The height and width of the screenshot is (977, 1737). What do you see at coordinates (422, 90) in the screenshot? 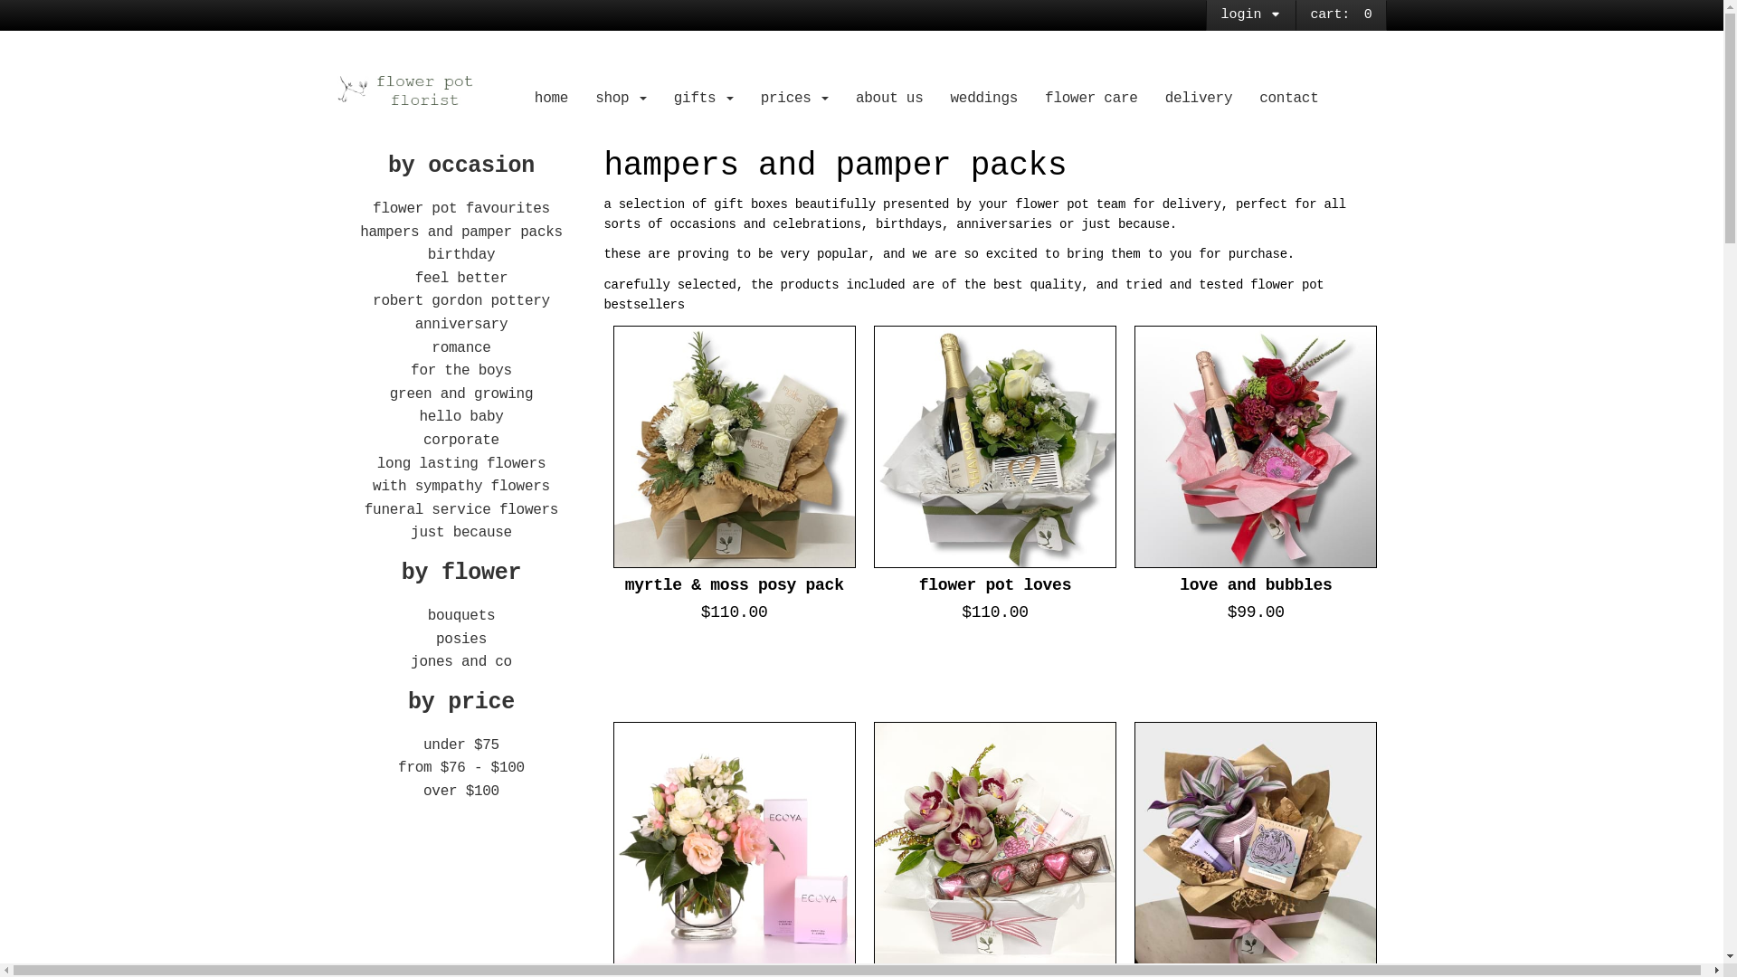
I see `'Flower Pot Florist'` at bounding box center [422, 90].